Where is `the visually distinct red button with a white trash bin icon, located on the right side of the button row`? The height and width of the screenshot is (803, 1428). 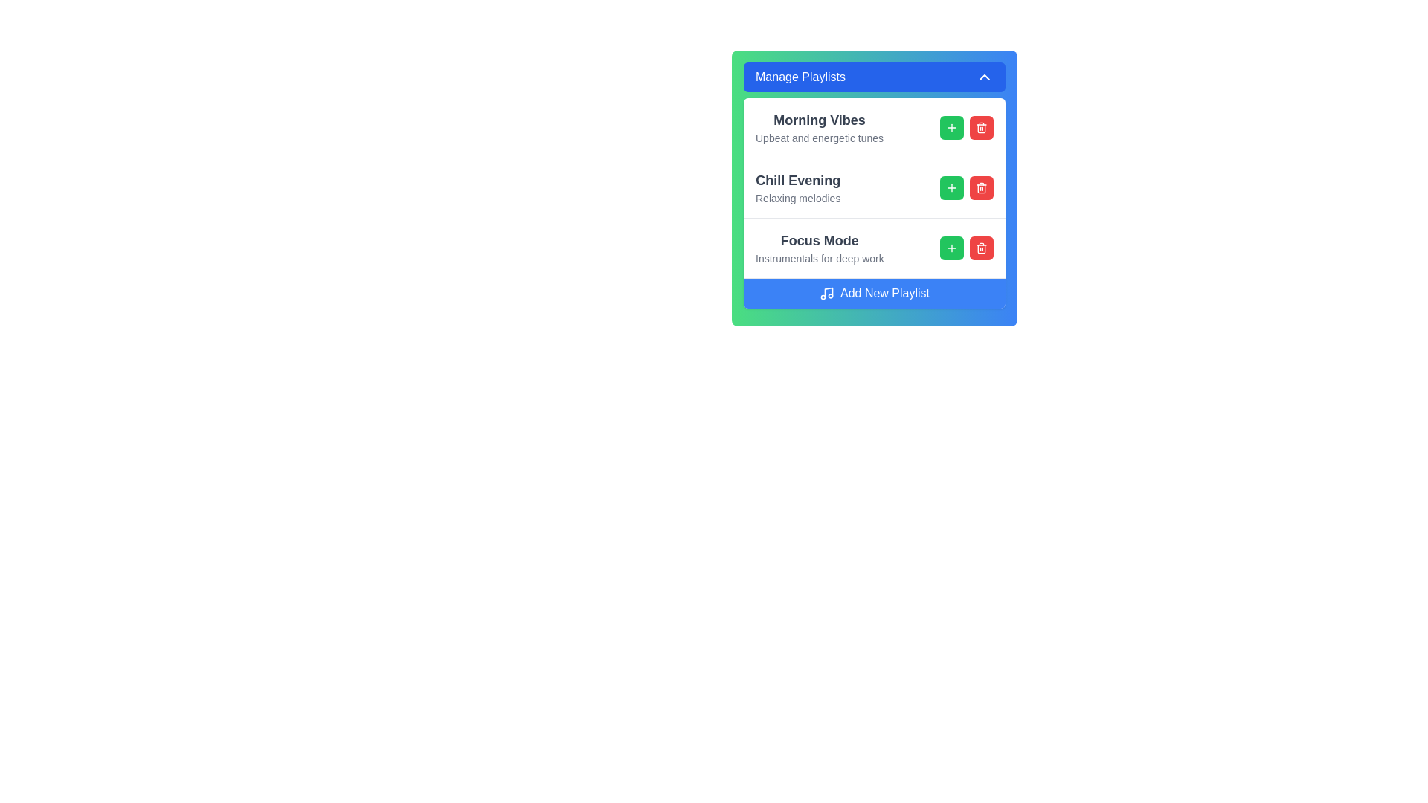 the visually distinct red button with a white trash bin icon, located on the right side of the button row is located at coordinates (982, 127).